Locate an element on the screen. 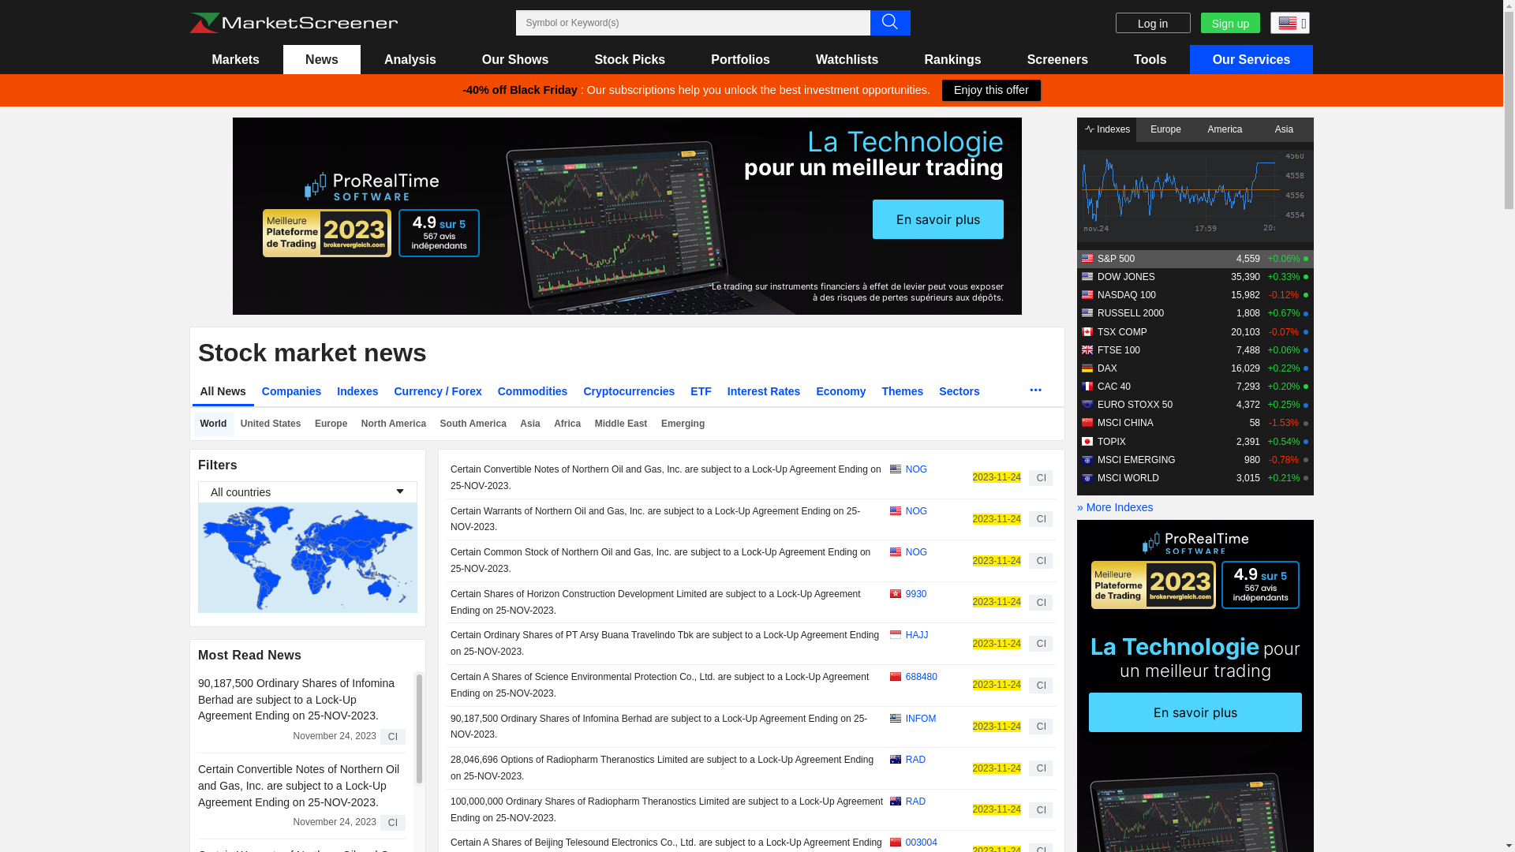  'North America' is located at coordinates (394, 423).